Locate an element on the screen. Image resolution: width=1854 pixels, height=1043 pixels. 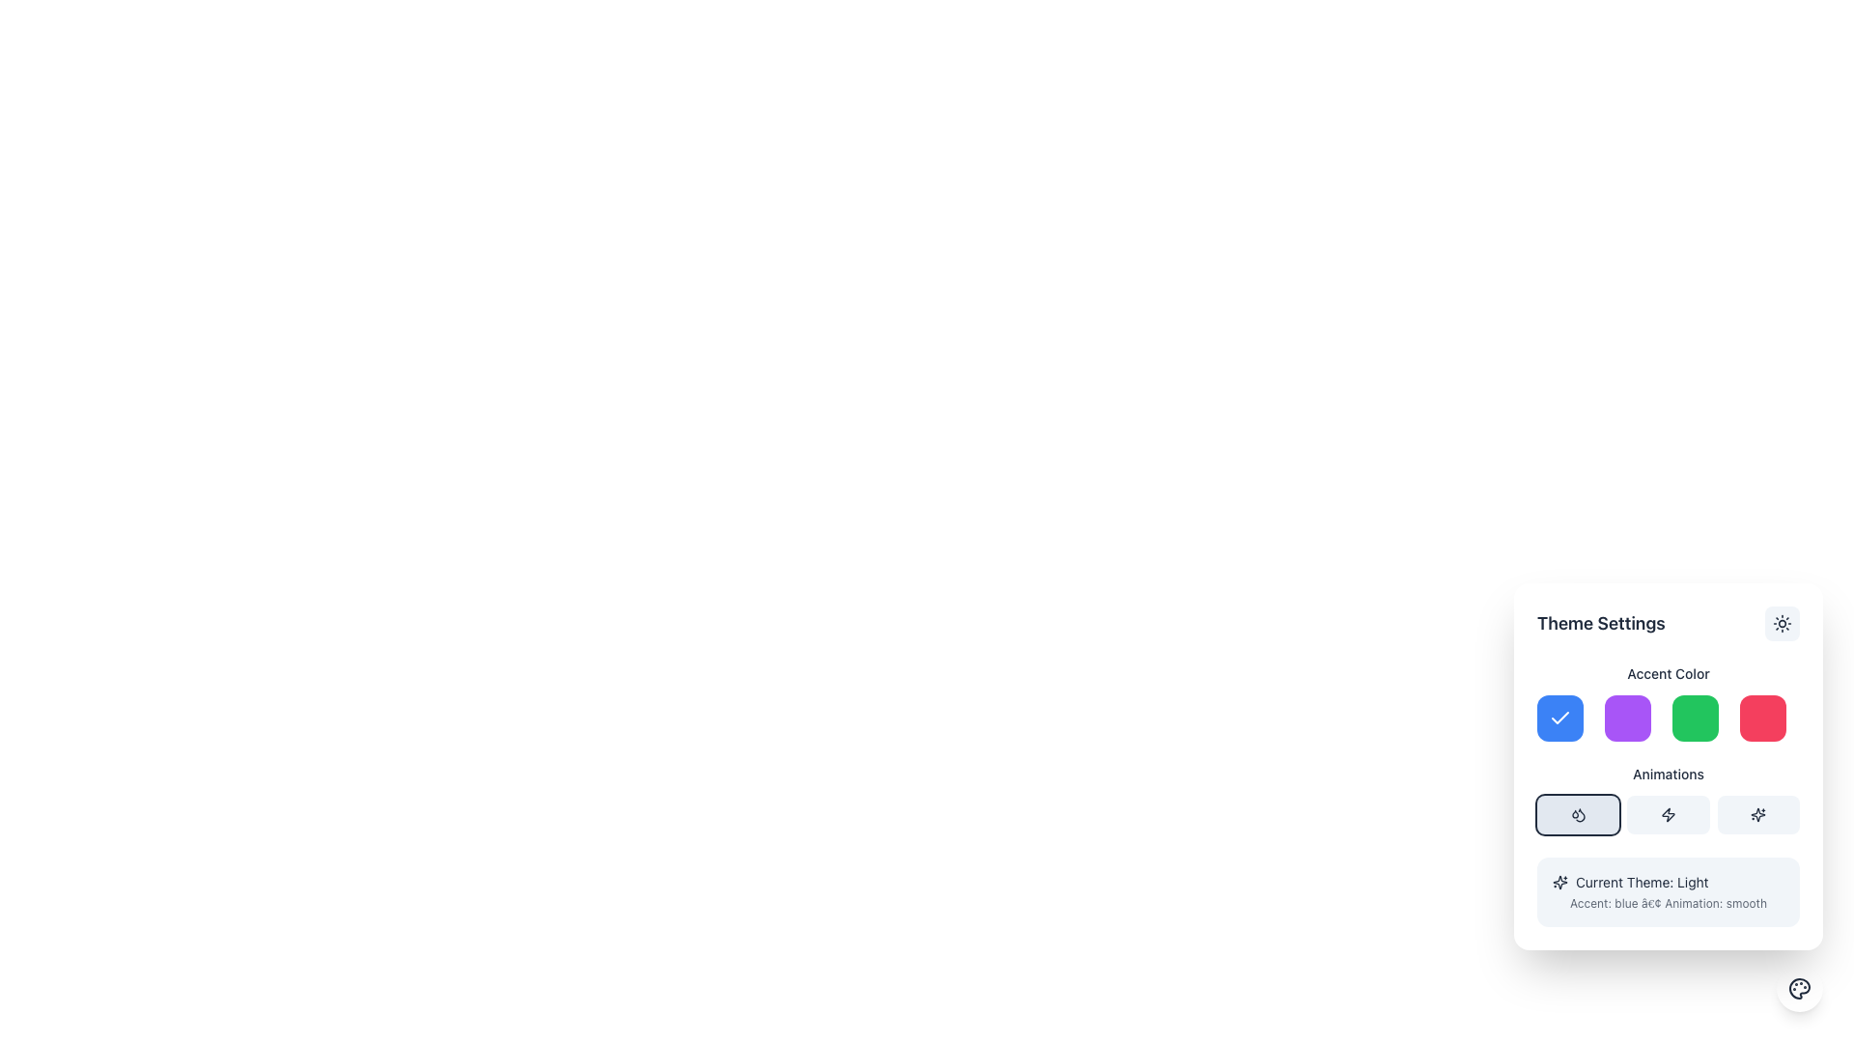
the first icon in the 'Animations' section of the 'Theme Settings' panel is located at coordinates (1578, 815).